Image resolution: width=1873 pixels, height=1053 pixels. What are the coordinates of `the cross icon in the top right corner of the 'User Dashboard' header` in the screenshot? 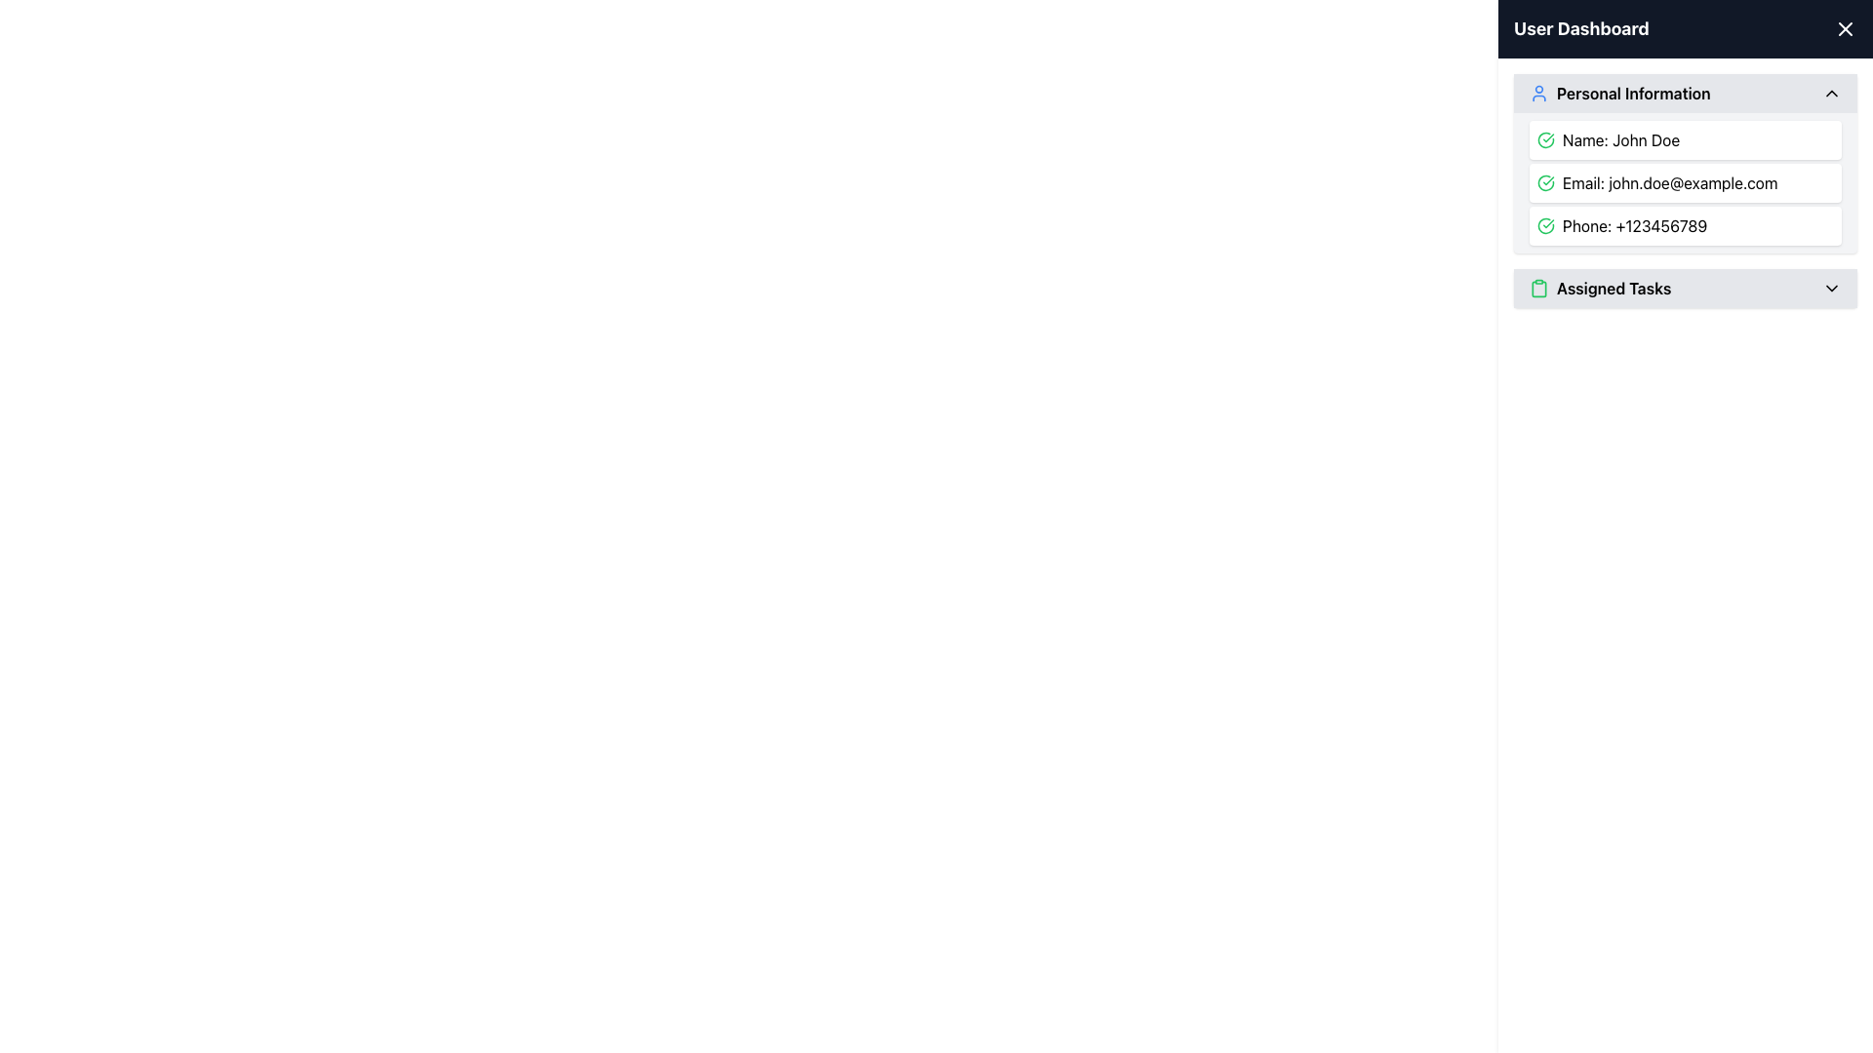 It's located at (1844, 29).